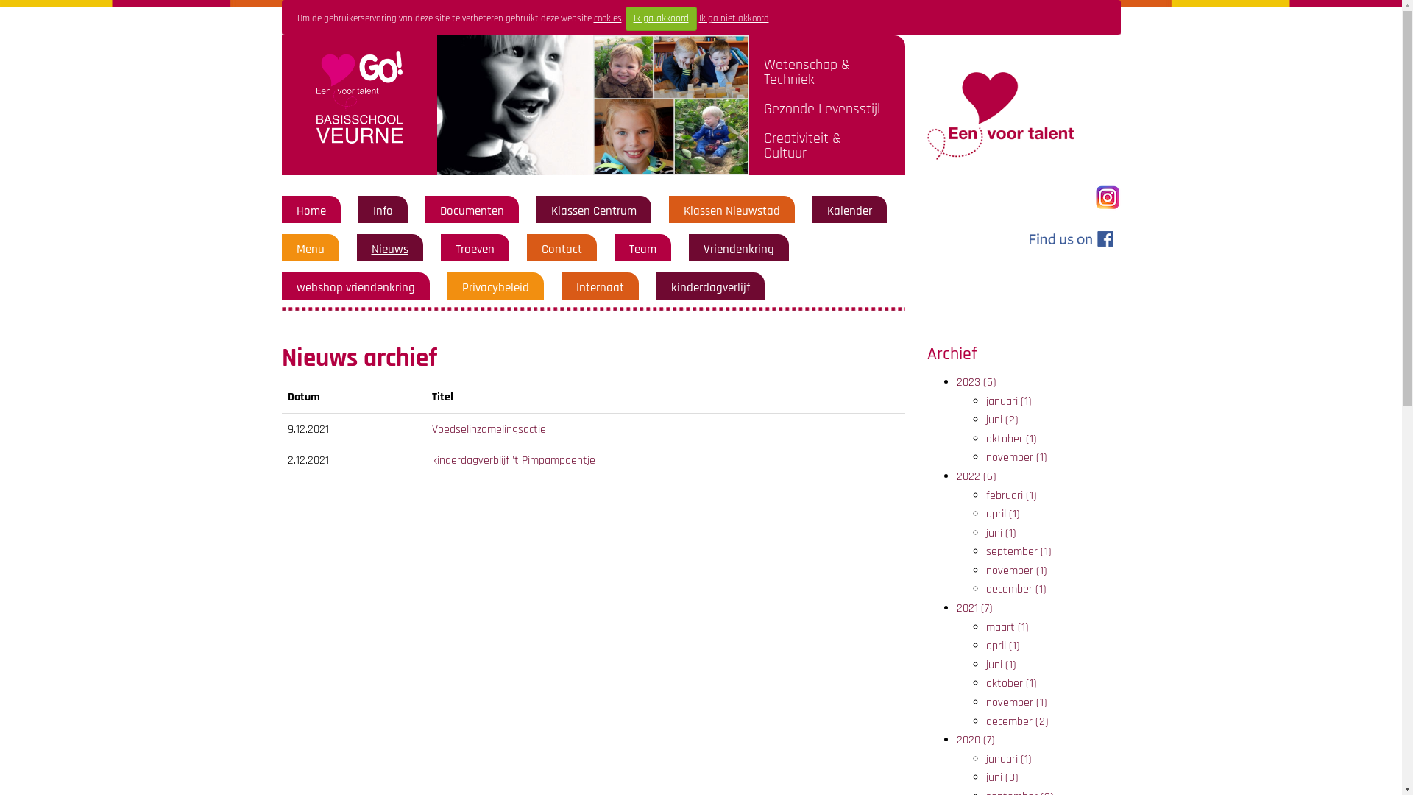  What do you see at coordinates (985, 721) in the screenshot?
I see `'december (2)'` at bounding box center [985, 721].